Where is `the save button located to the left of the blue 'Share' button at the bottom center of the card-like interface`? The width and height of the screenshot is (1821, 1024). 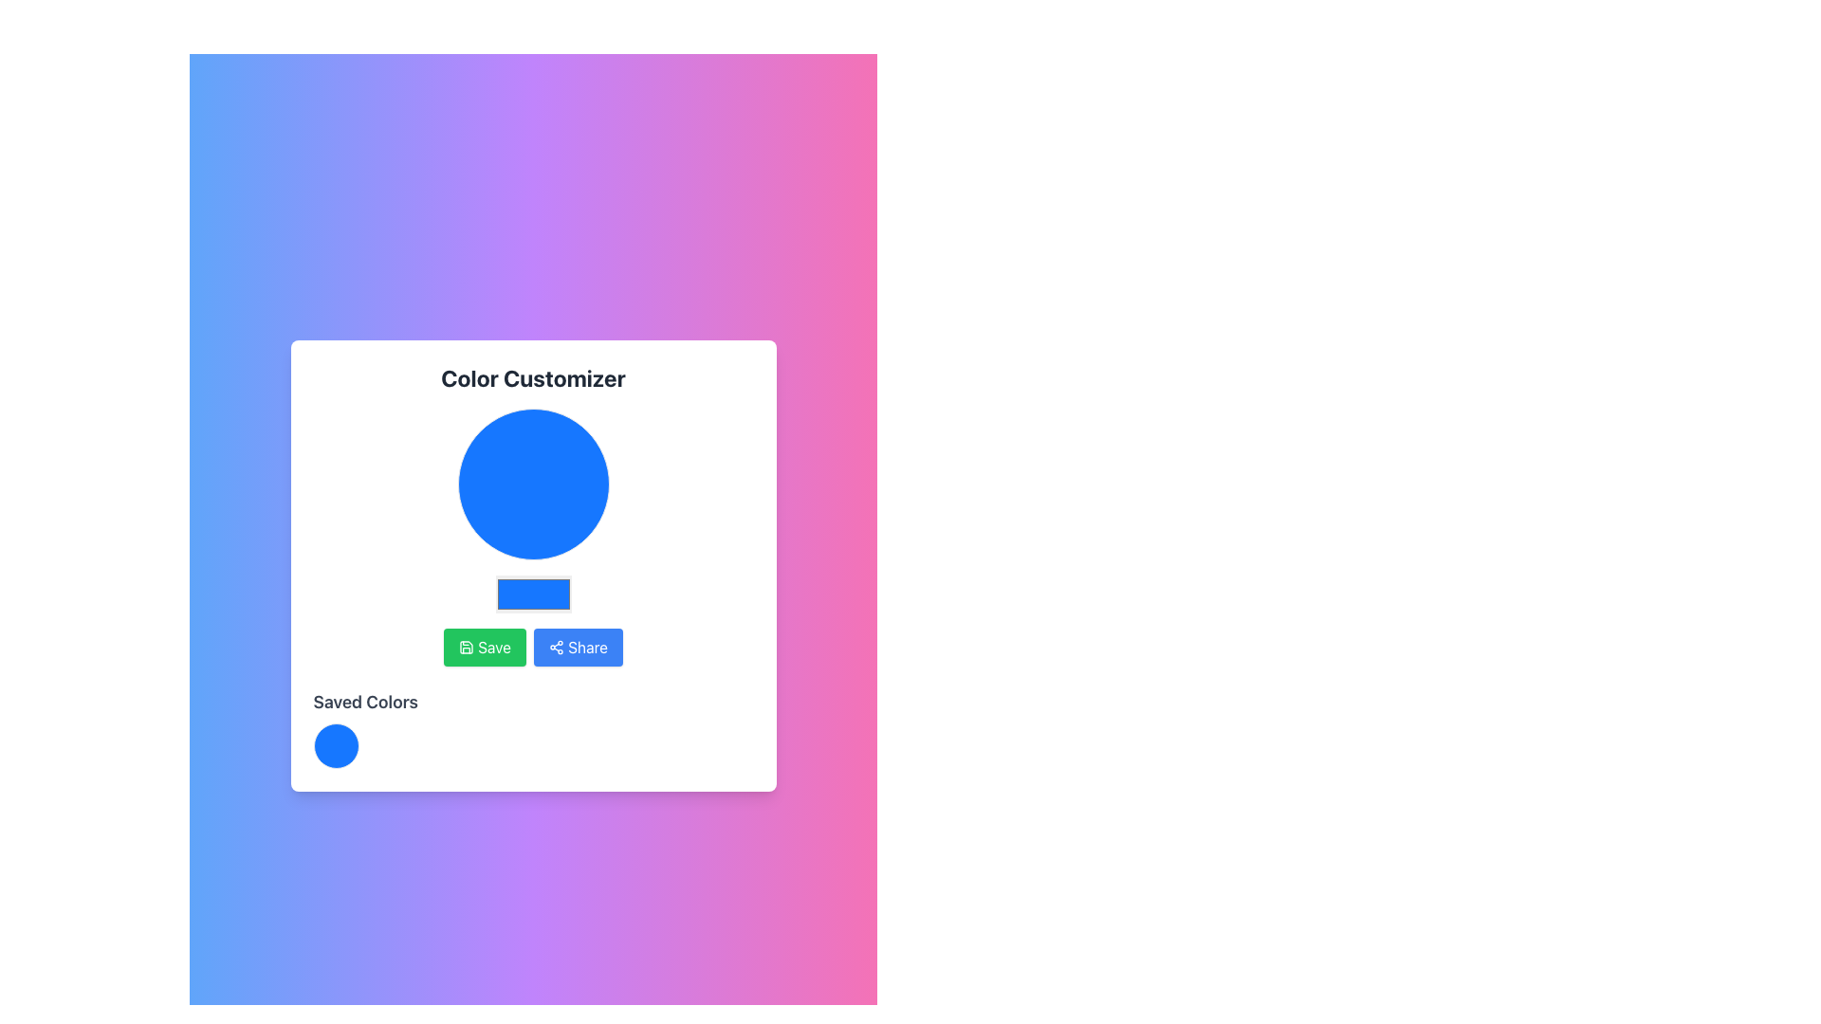 the save button located to the left of the blue 'Share' button at the bottom center of the card-like interface is located at coordinates (485, 646).